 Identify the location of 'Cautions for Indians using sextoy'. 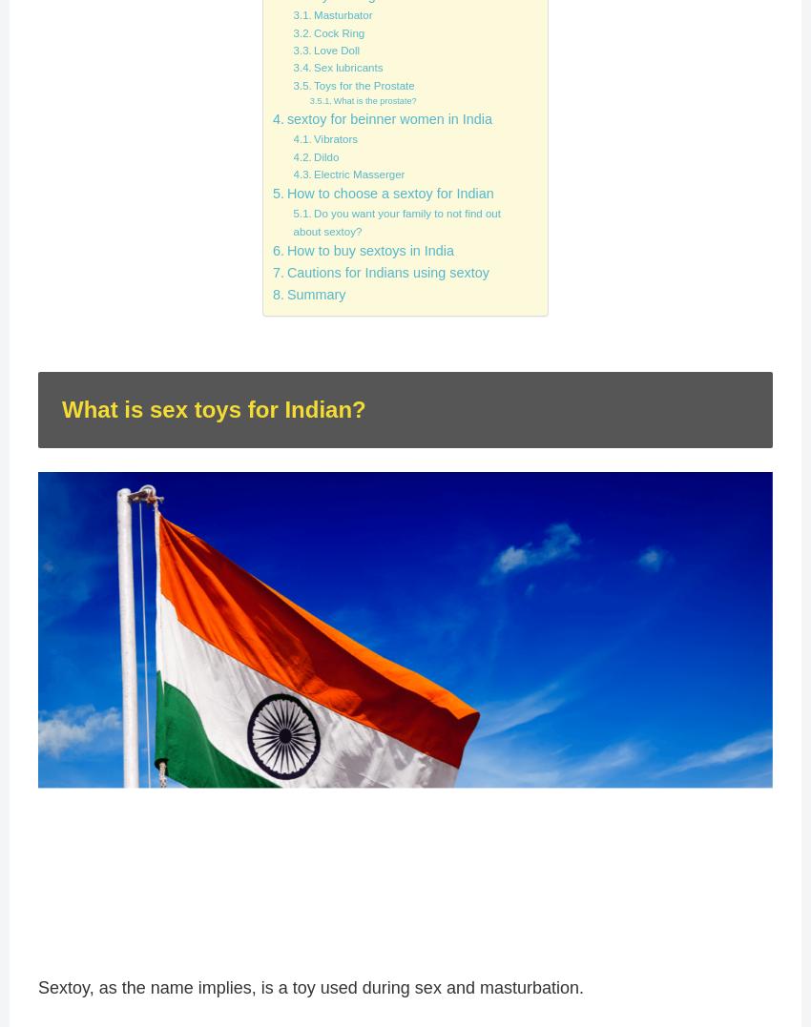
(386, 272).